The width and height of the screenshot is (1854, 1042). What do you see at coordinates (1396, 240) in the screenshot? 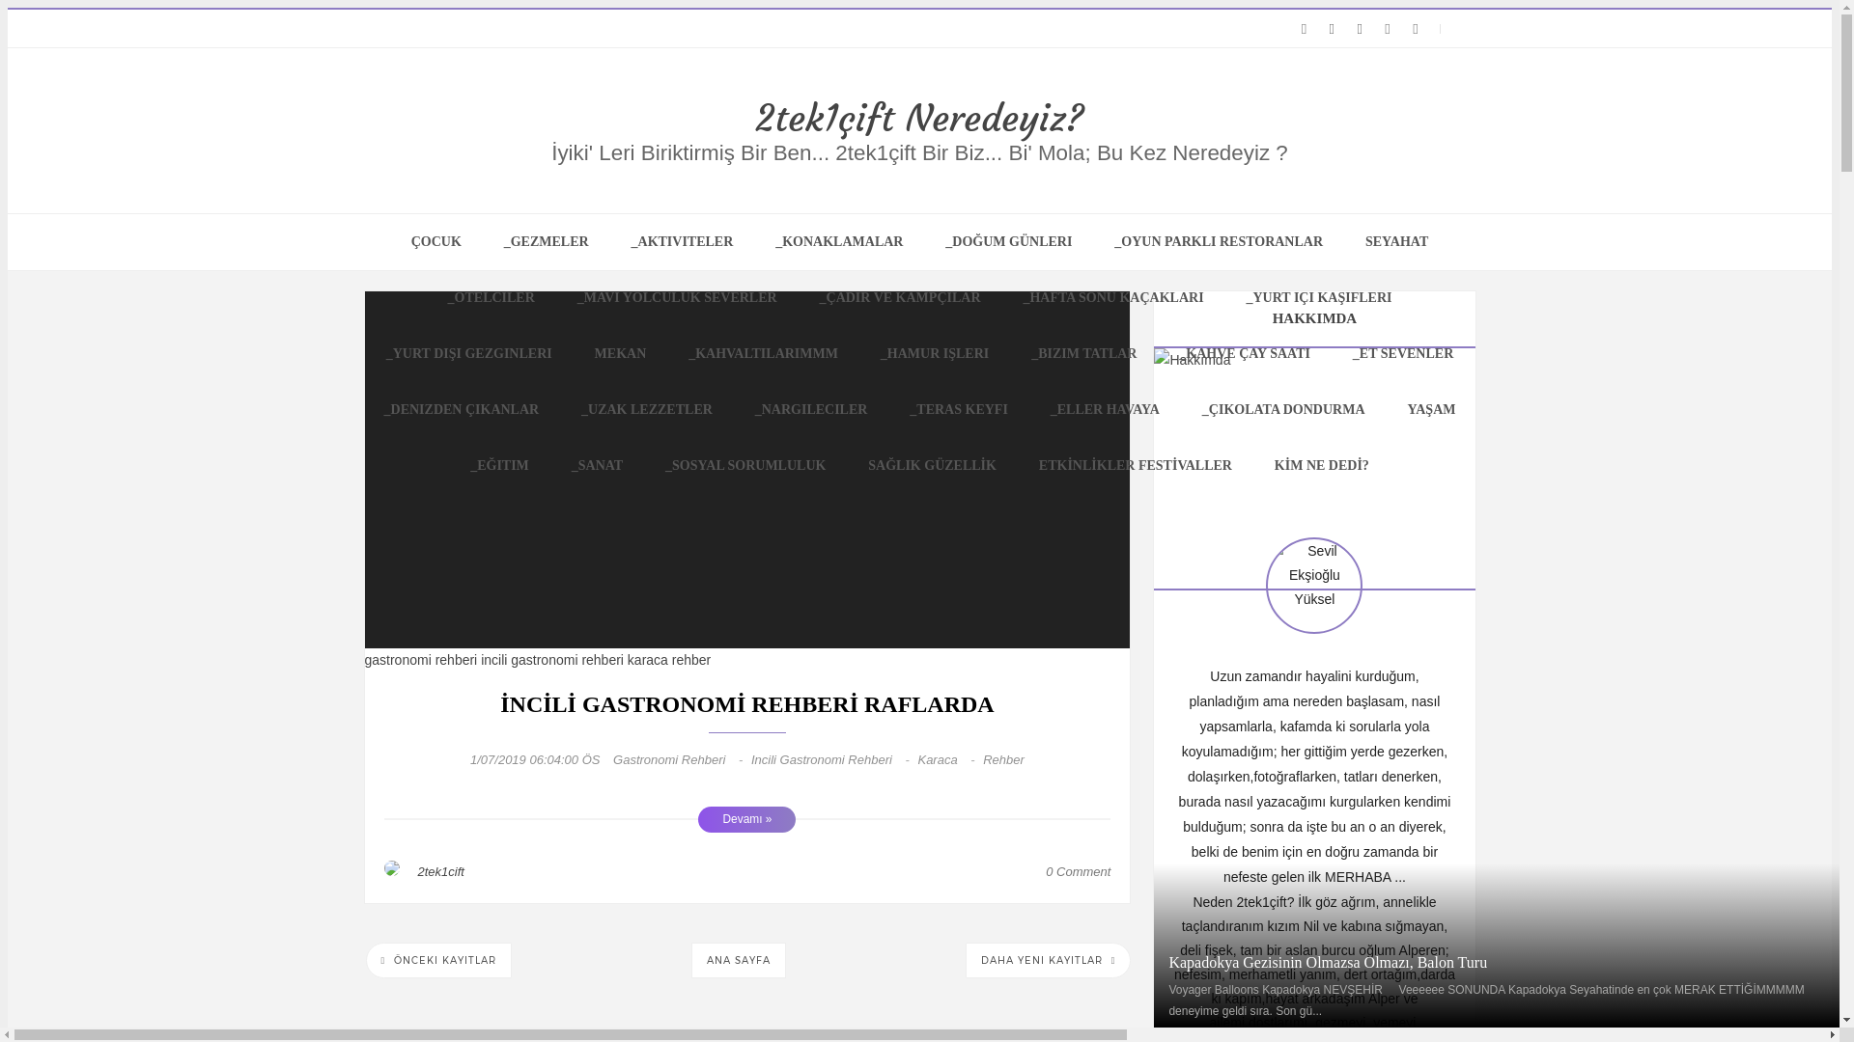
I see `'SEYAHAT'` at bounding box center [1396, 240].